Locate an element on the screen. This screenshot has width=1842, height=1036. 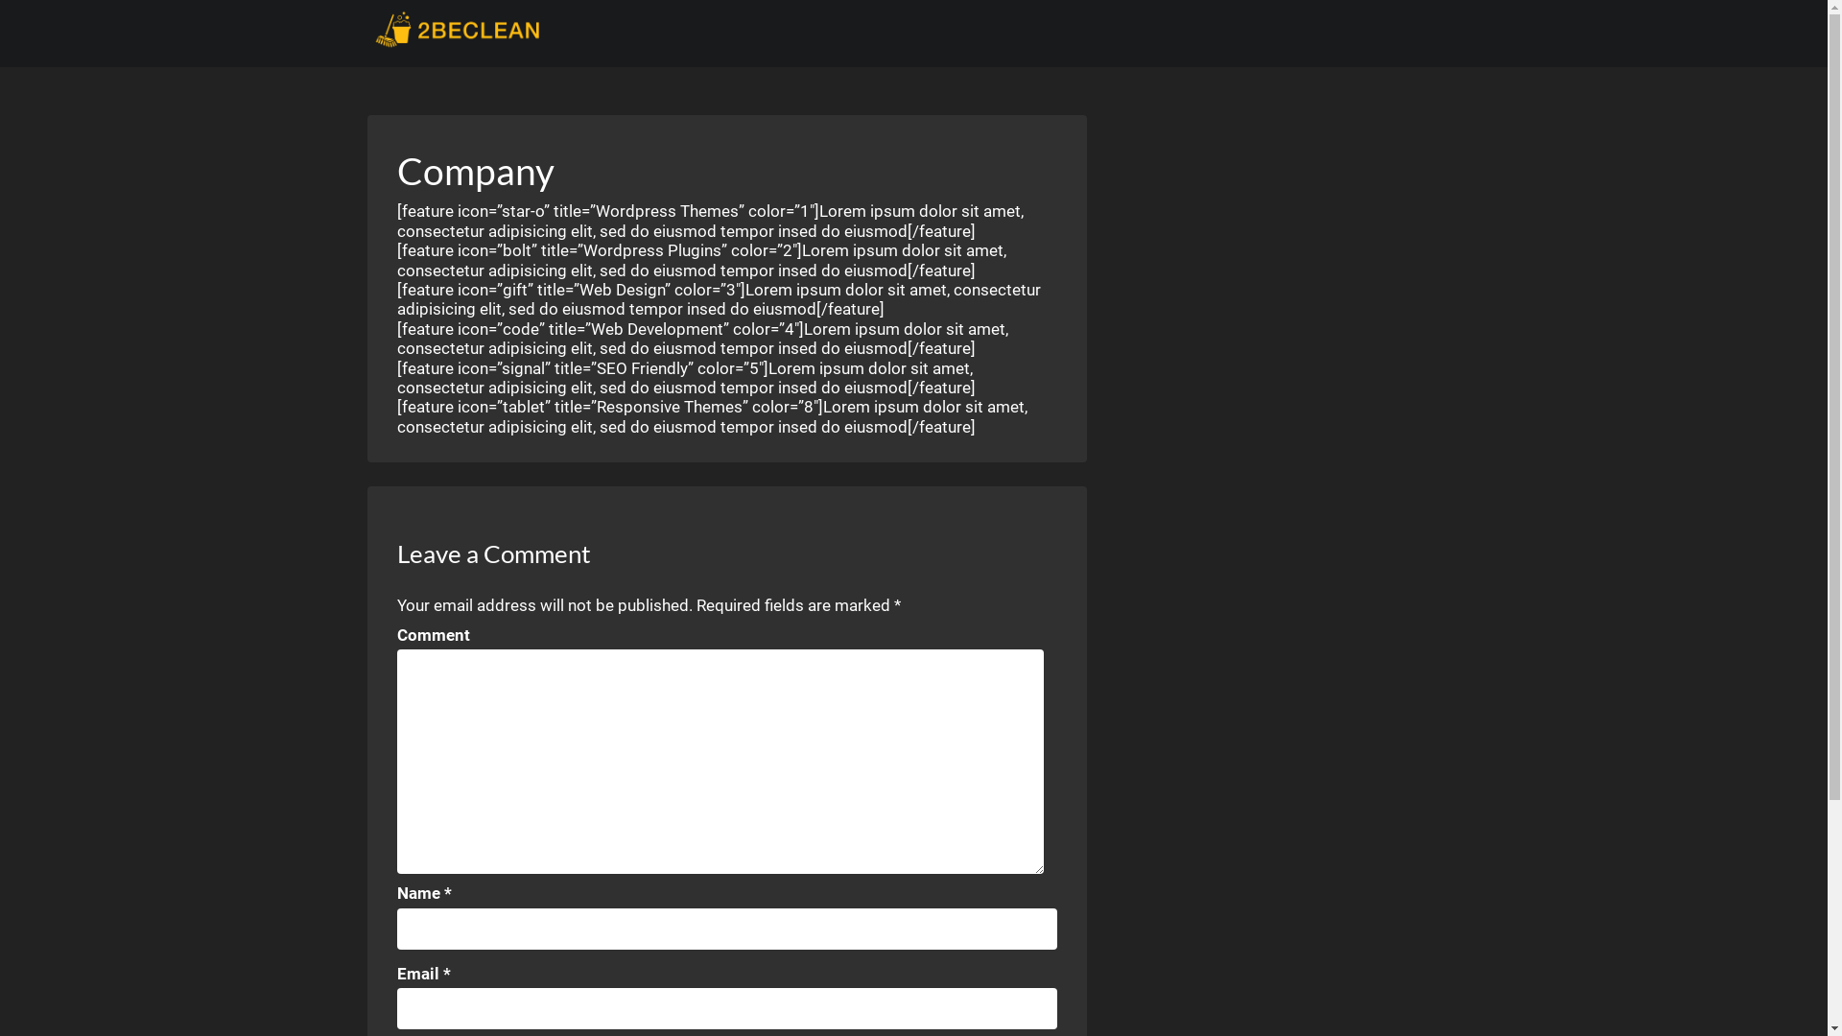
'2beClean.com' is located at coordinates (458, 29).